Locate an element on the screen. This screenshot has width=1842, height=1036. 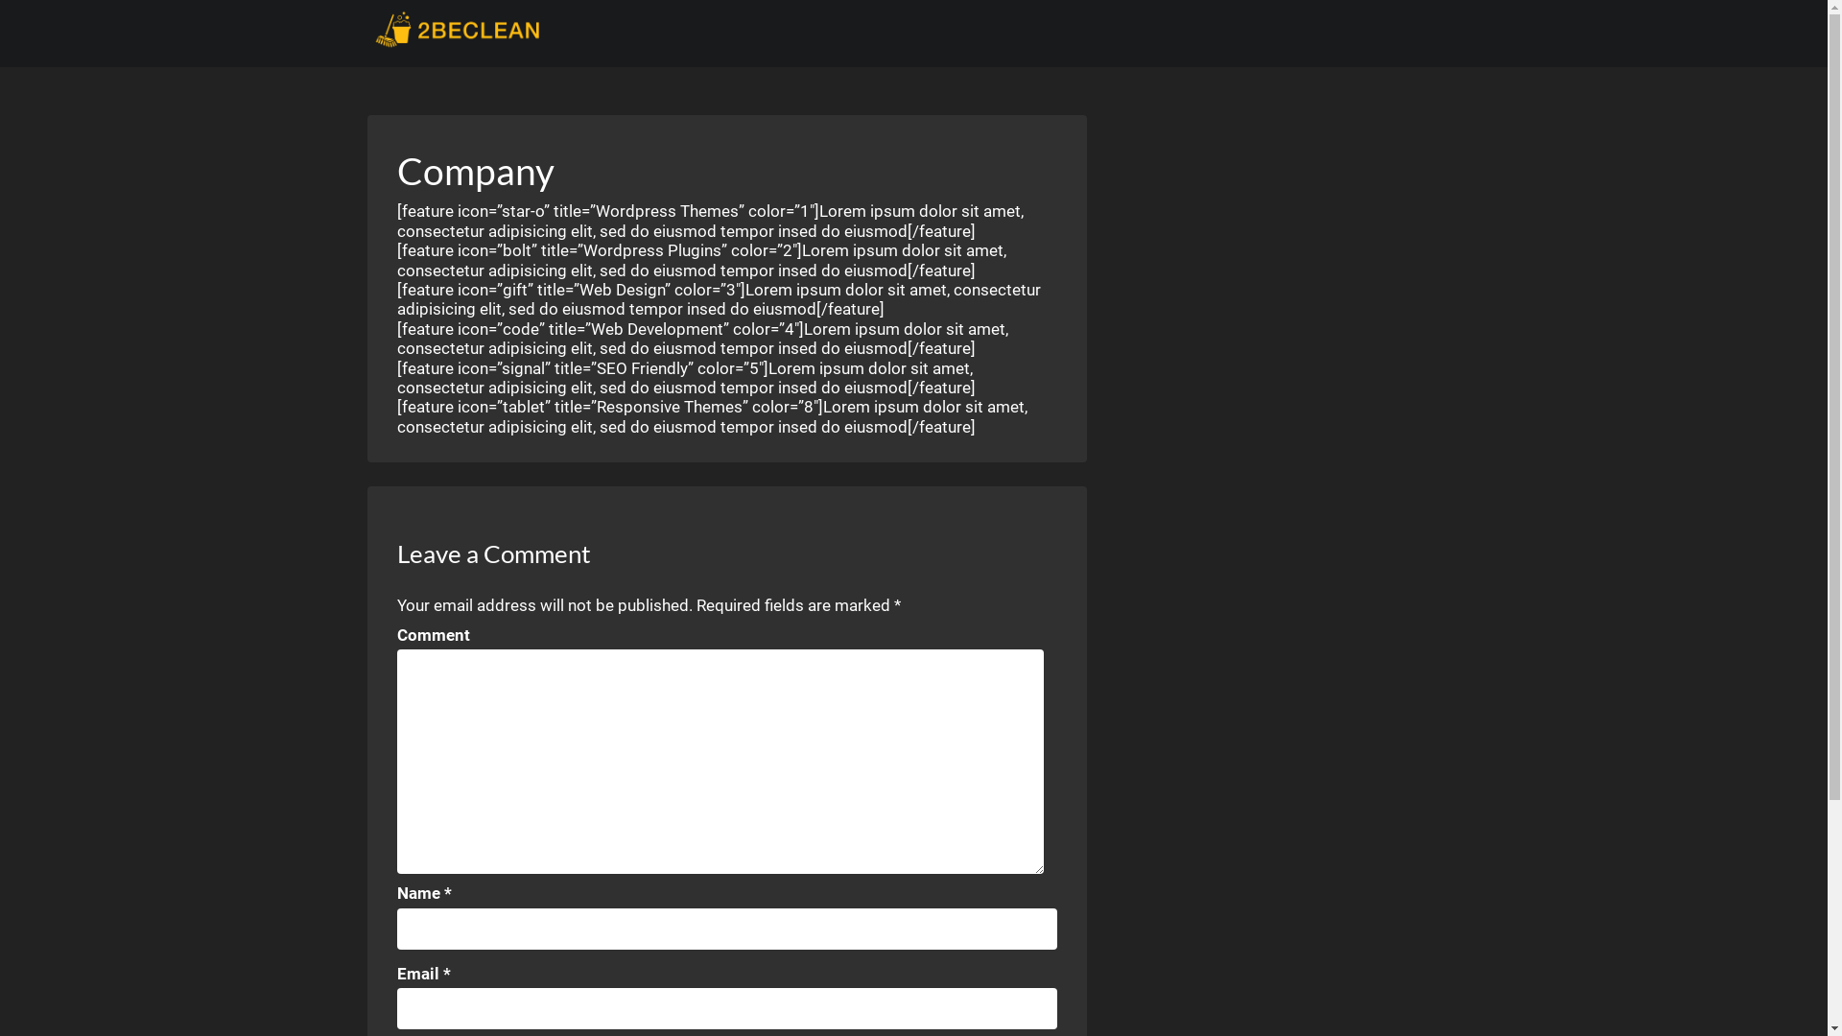
'2beClean.com' is located at coordinates (458, 29).